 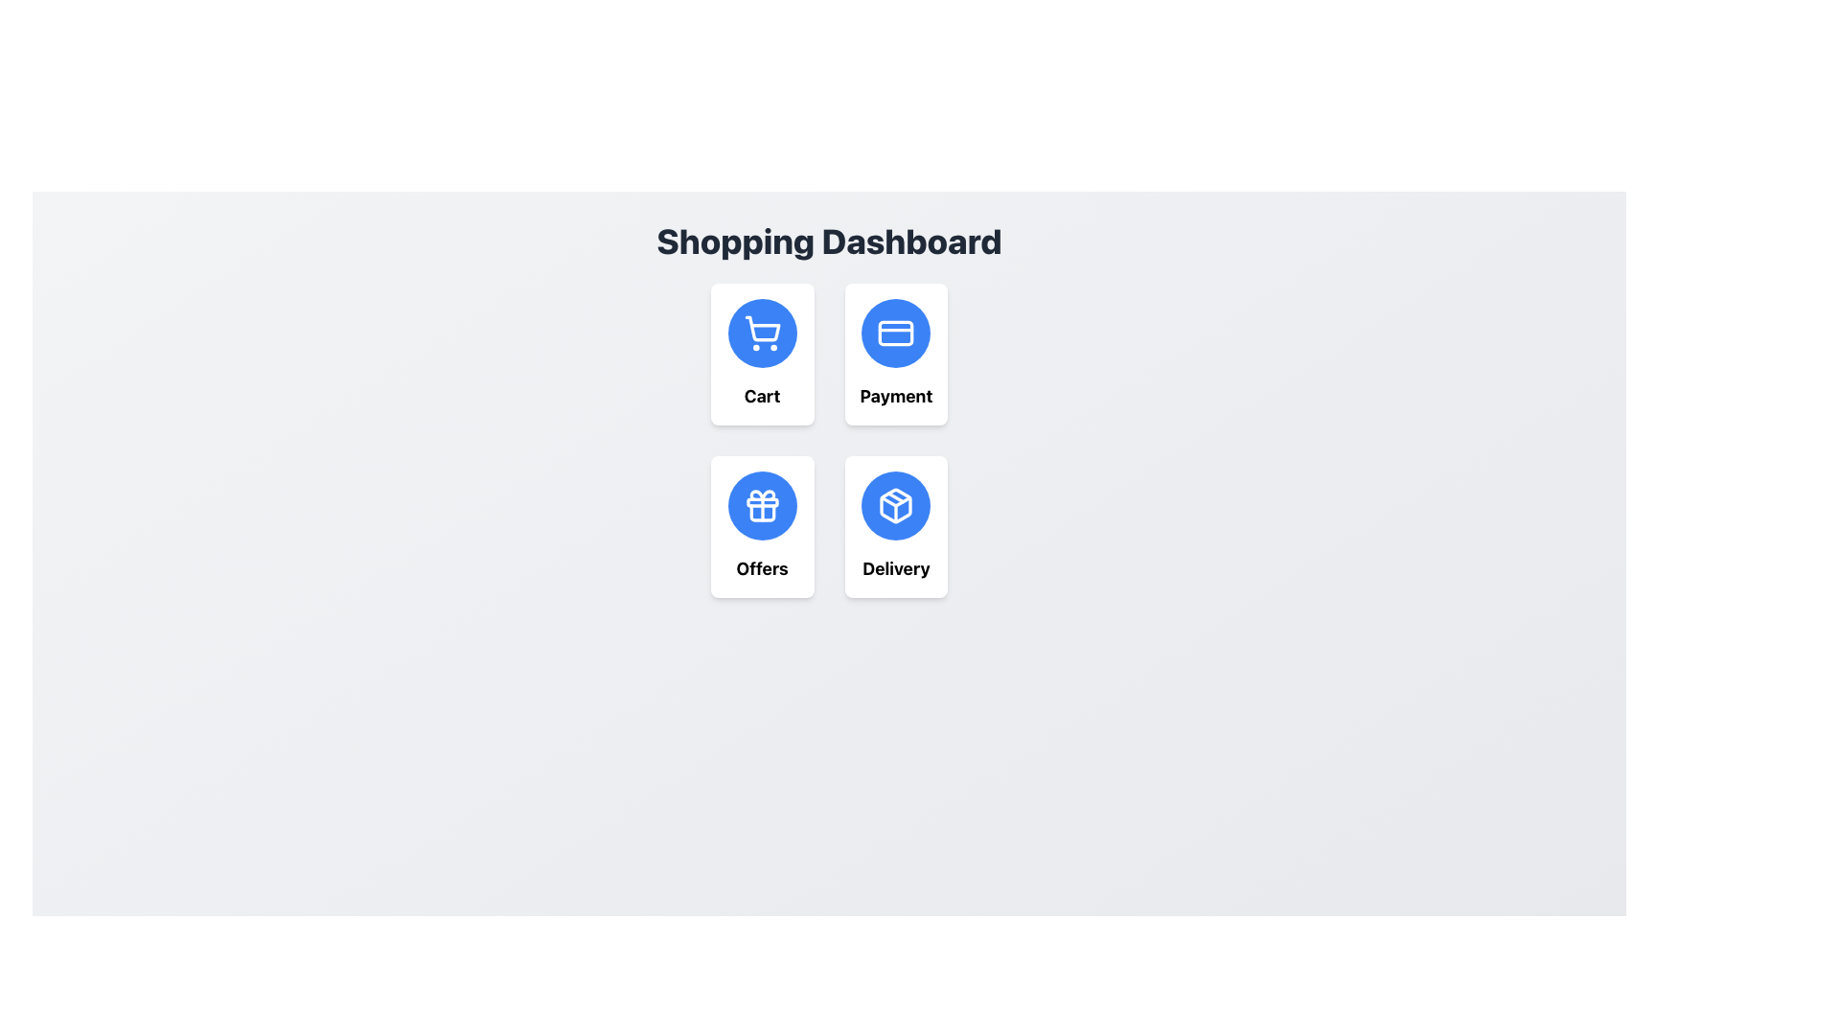 What do you see at coordinates (895, 395) in the screenshot?
I see `the bolded text label that reads 'Payment', located centrally beneath an icon on a card in the 'Shopping Dashboard'` at bounding box center [895, 395].